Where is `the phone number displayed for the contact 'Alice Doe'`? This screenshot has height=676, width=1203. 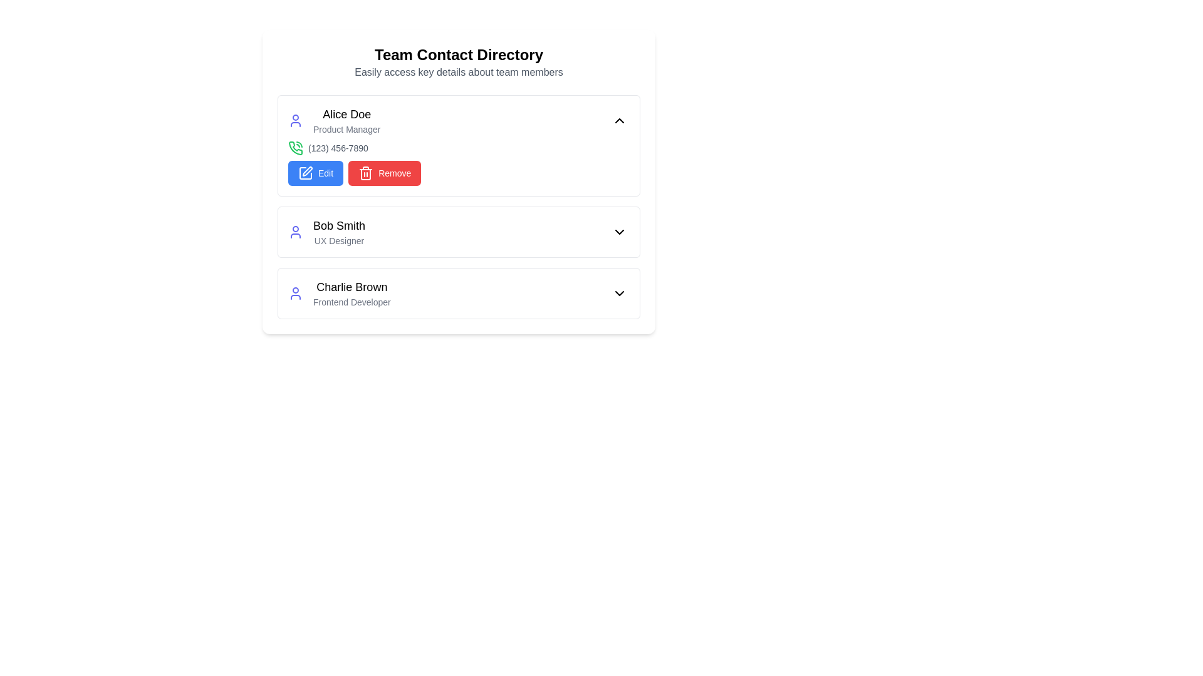 the phone number displayed for the contact 'Alice Doe' is located at coordinates (458, 147).